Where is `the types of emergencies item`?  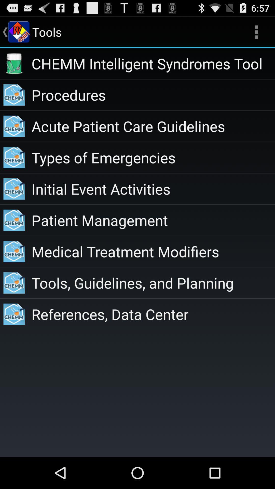 the types of emergencies item is located at coordinates (153, 157).